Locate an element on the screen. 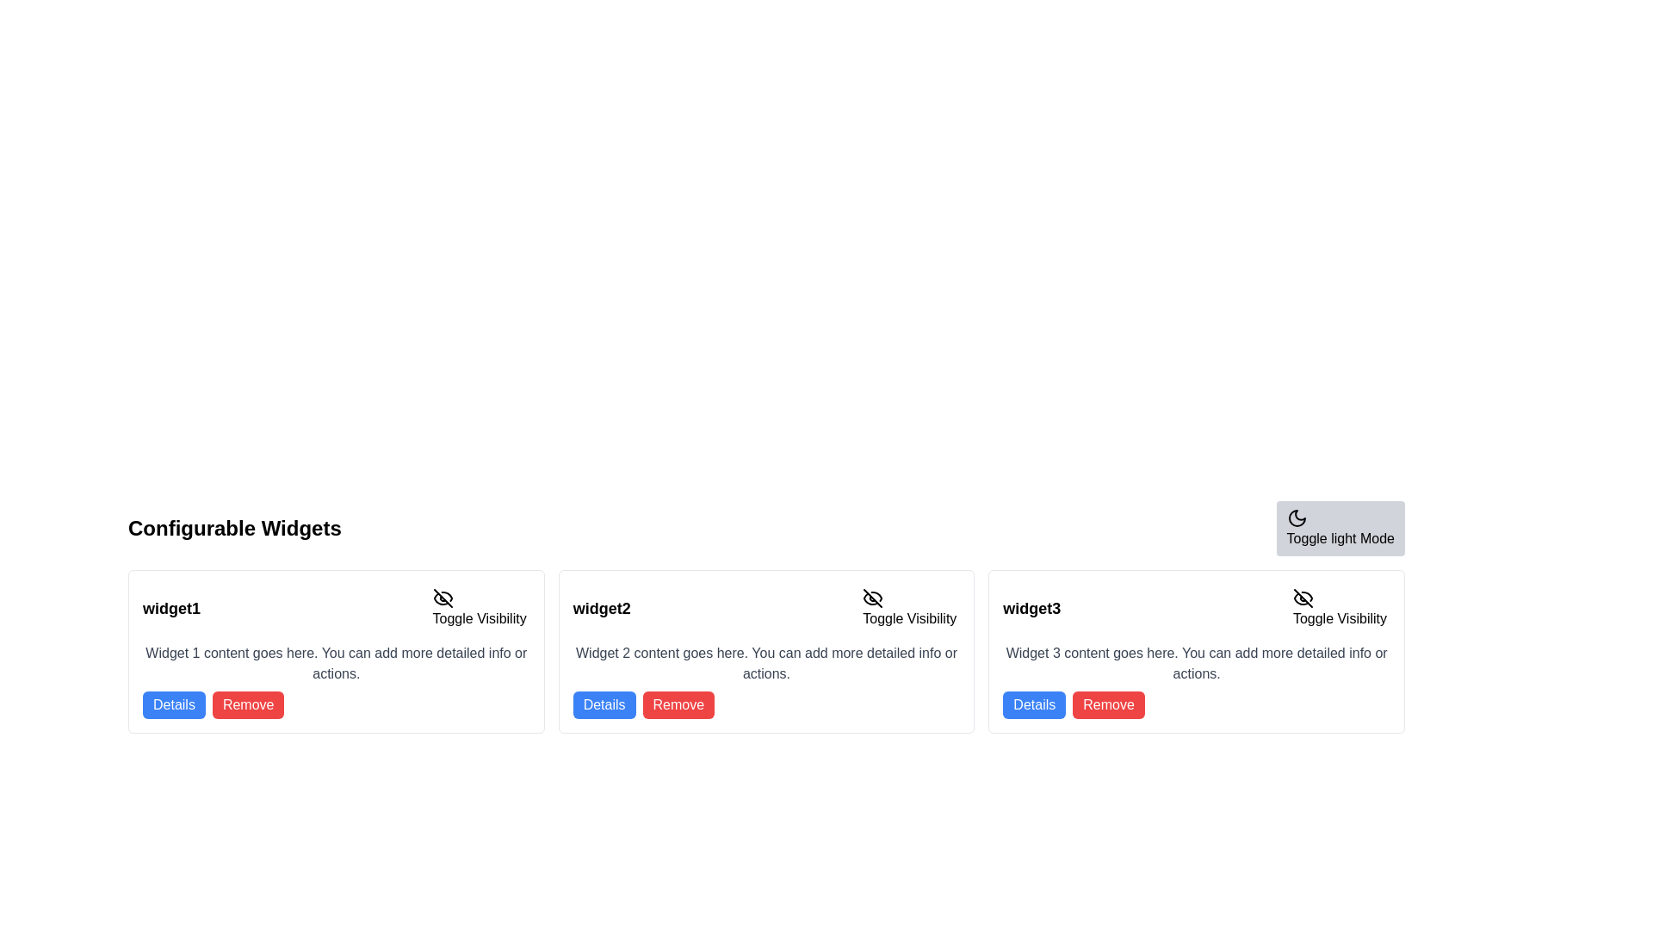 This screenshot has height=930, width=1653. the 'Toggle Visibility' button with an eye icon is located at coordinates (480, 607).